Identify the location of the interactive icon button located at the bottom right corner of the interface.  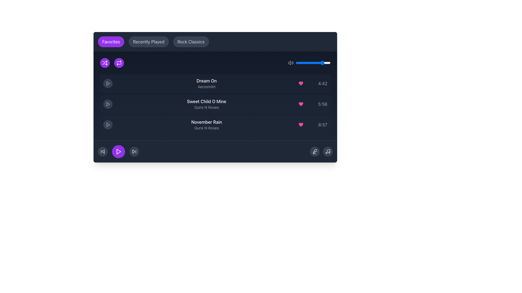
(327, 152).